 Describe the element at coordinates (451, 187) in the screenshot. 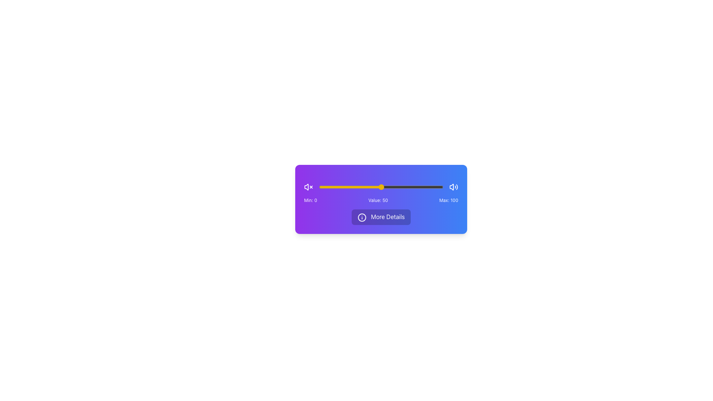

I see `the directional or audio-related indication icon located in the right part of the blue interface card, which is part of a central icon group` at that location.